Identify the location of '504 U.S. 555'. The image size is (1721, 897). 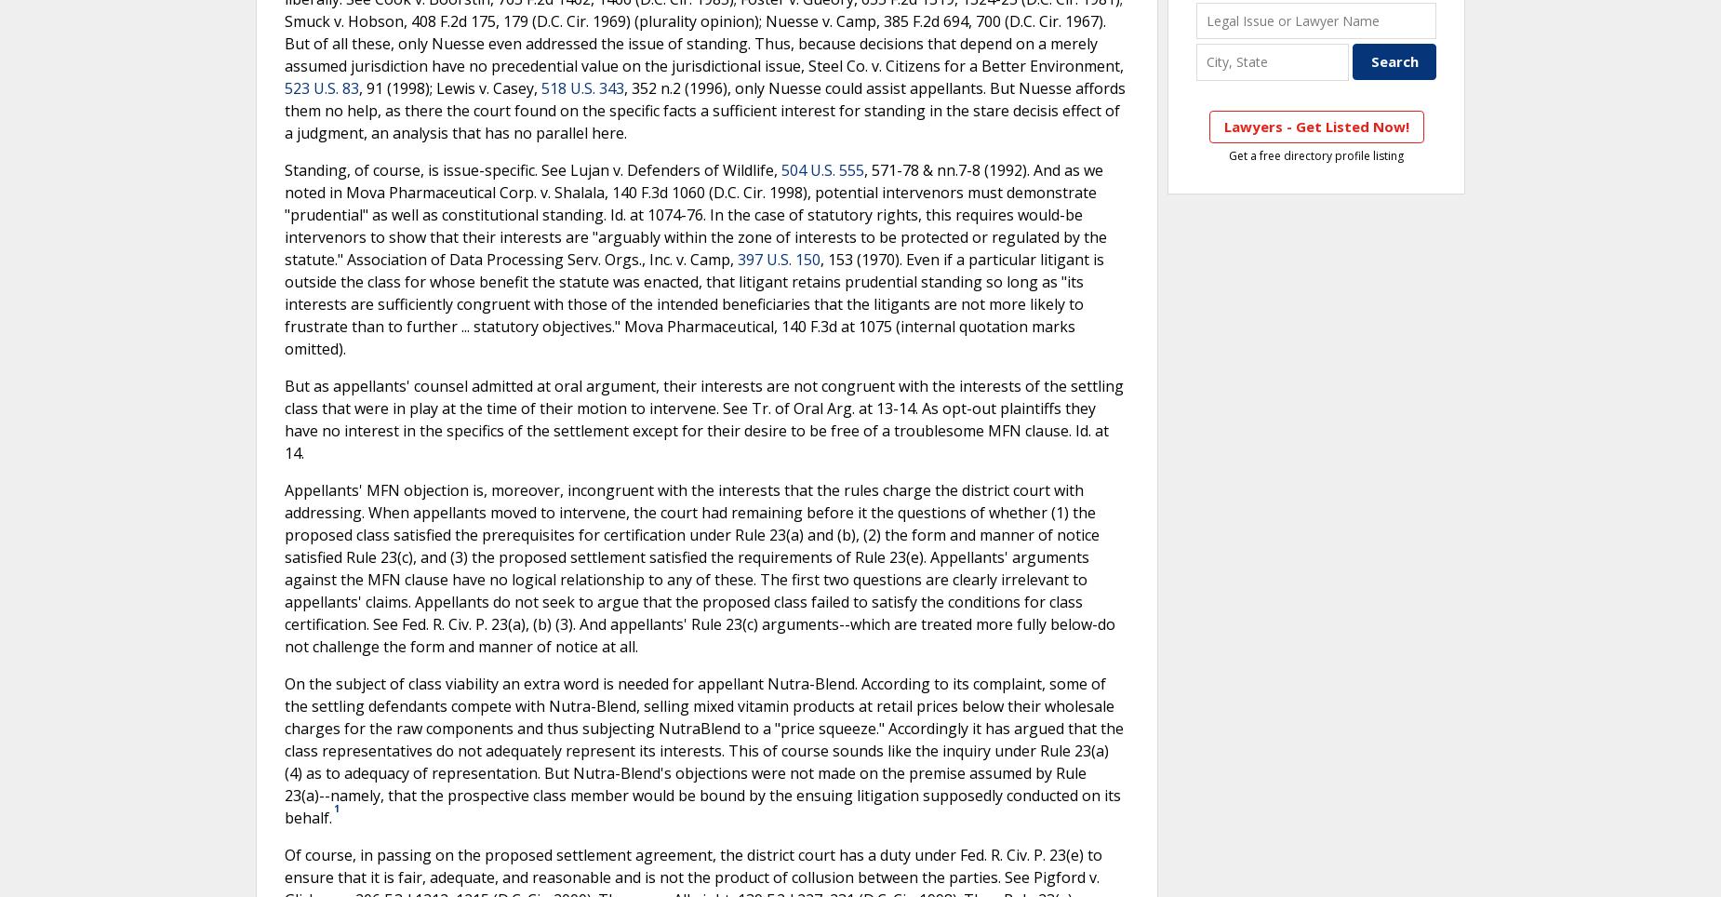
(781, 168).